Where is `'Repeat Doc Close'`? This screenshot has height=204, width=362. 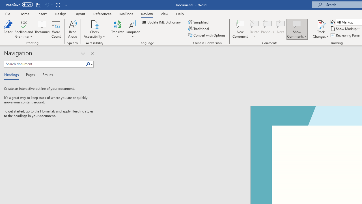 'Repeat Doc Close' is located at coordinates (58, 5).